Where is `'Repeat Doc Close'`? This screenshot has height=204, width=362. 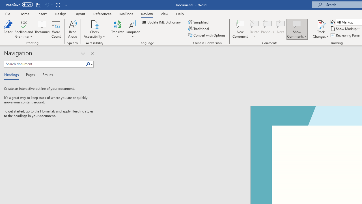 'Repeat Doc Close' is located at coordinates (58, 5).